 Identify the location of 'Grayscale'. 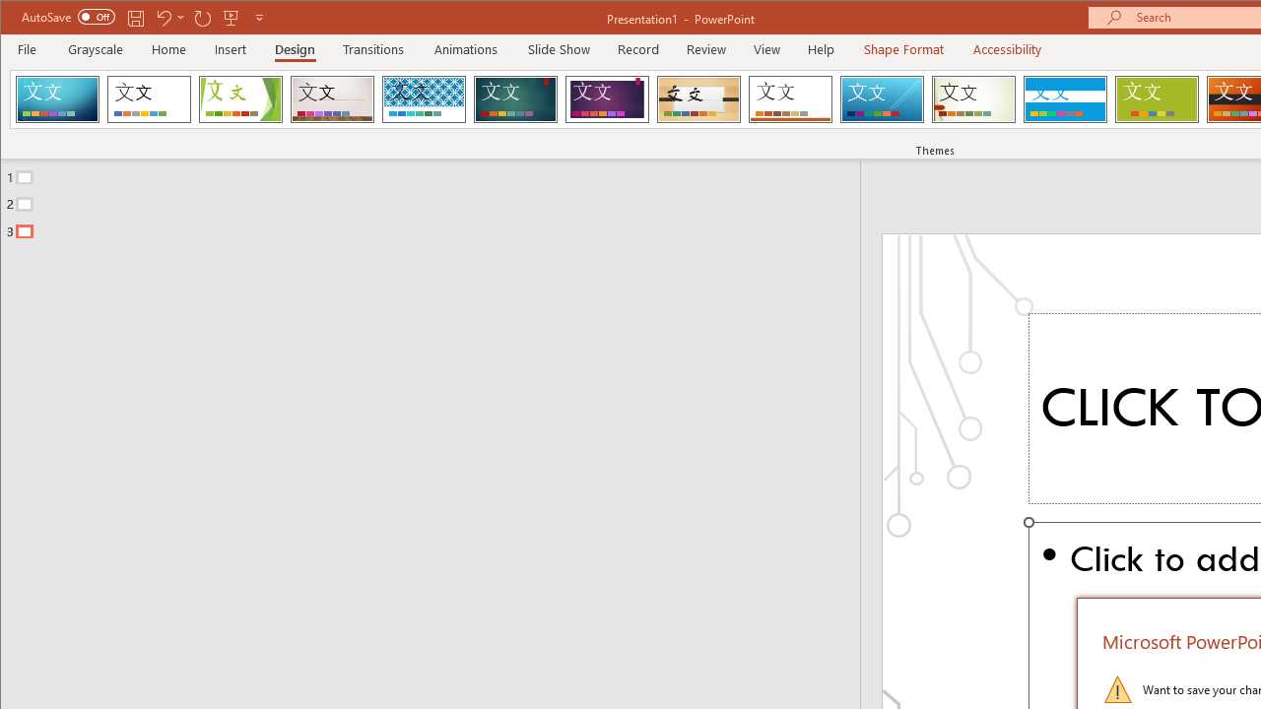
(95, 48).